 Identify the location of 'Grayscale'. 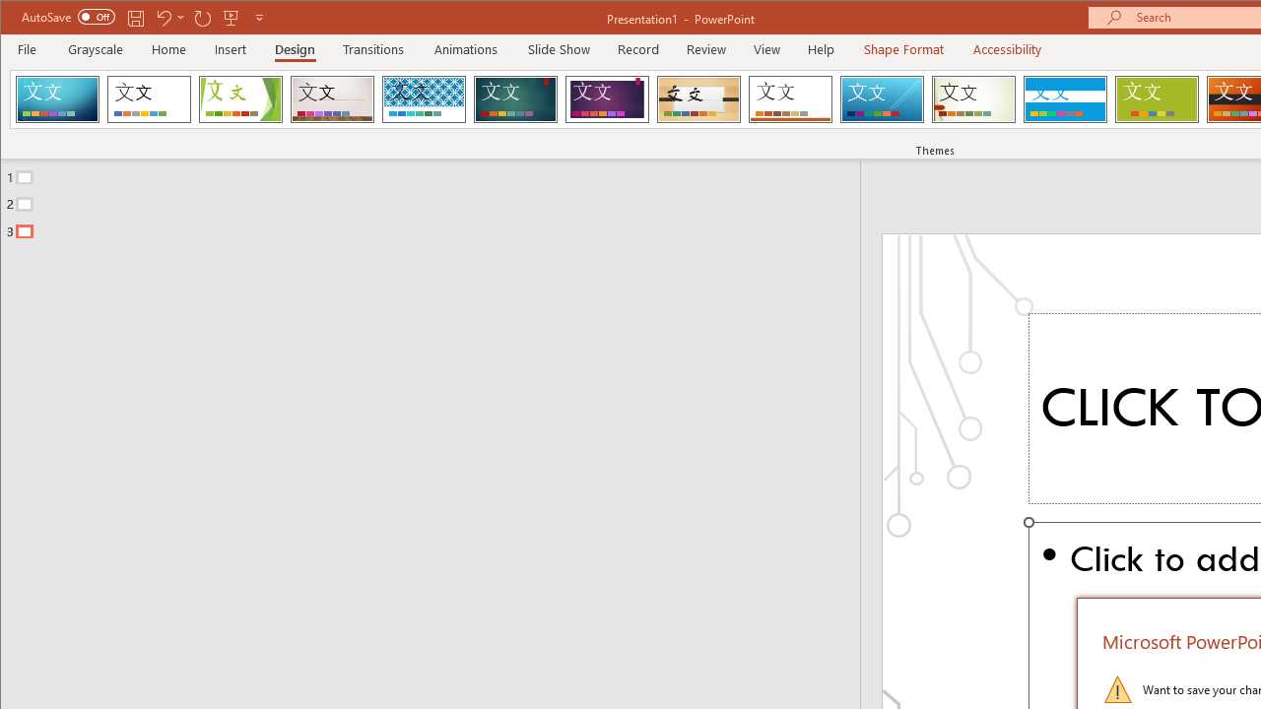
(95, 48).